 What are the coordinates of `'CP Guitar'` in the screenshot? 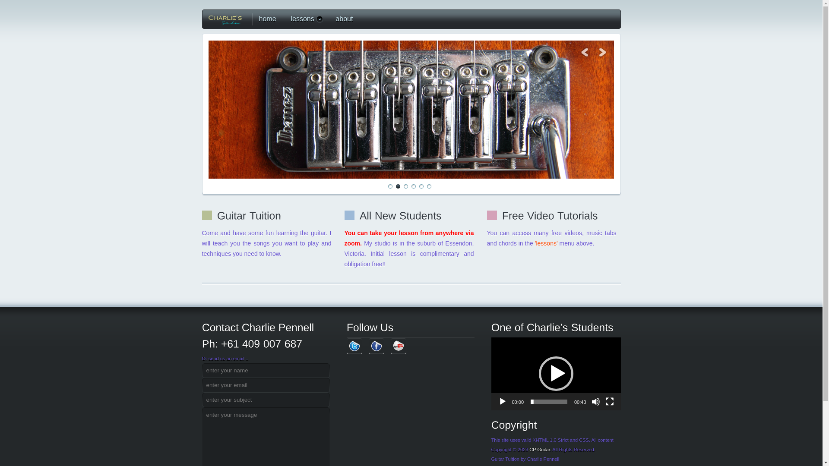 It's located at (539, 449).